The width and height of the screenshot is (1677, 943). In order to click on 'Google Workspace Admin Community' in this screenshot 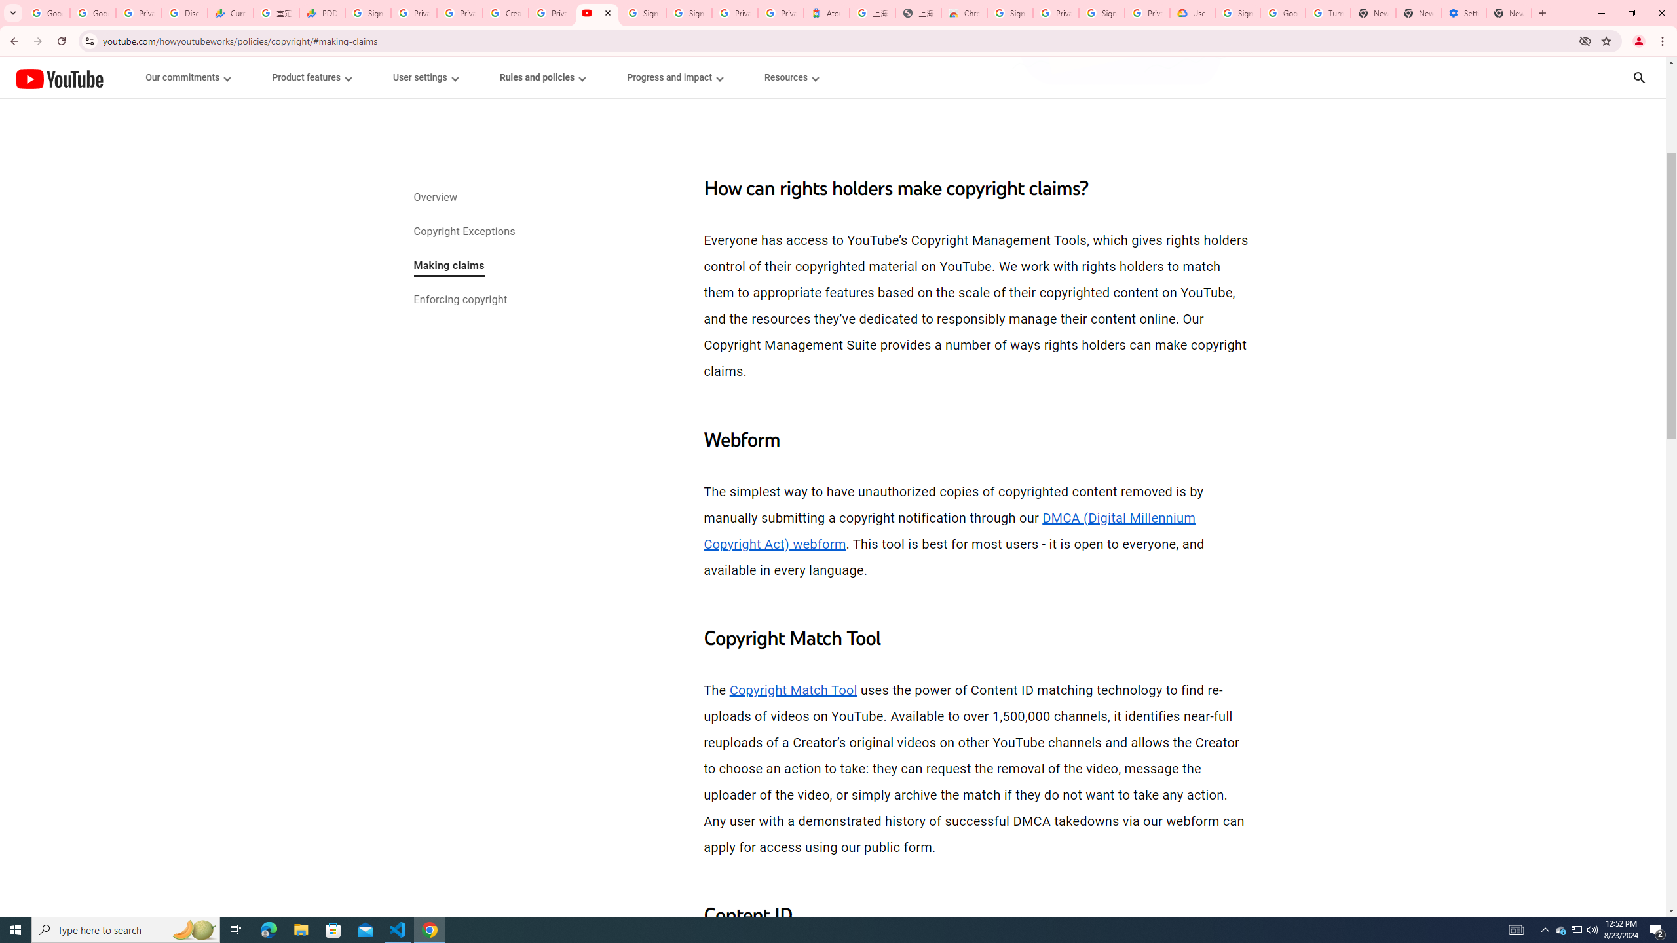, I will do `click(46, 12)`.